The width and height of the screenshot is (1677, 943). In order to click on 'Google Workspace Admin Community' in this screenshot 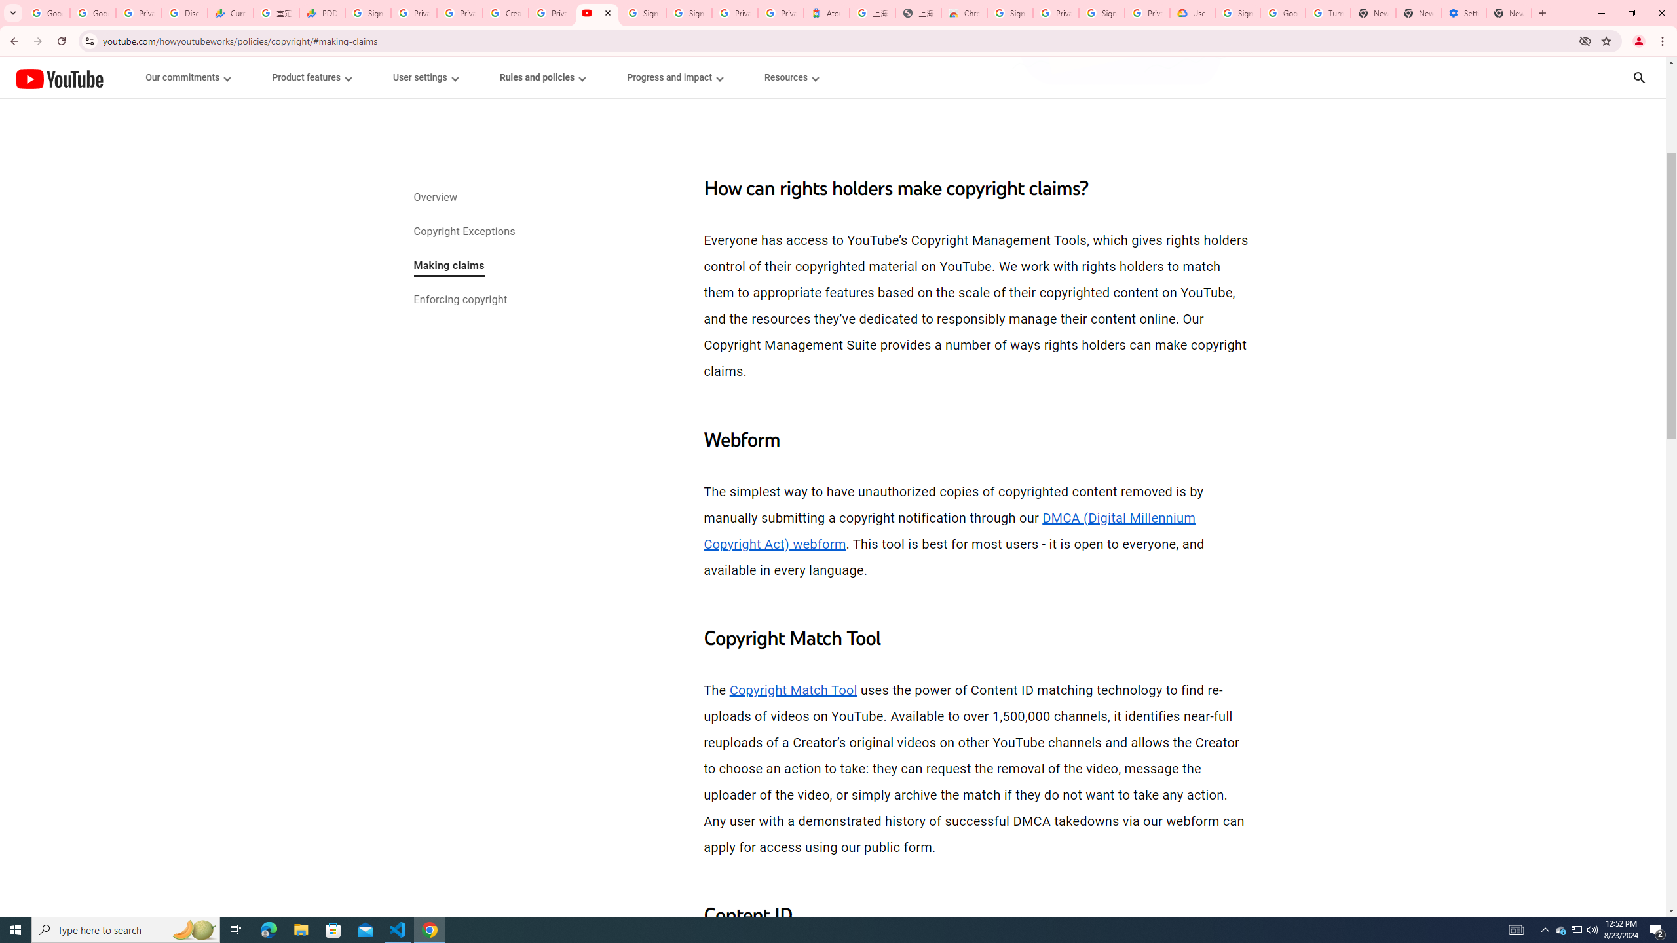, I will do `click(46, 12)`.